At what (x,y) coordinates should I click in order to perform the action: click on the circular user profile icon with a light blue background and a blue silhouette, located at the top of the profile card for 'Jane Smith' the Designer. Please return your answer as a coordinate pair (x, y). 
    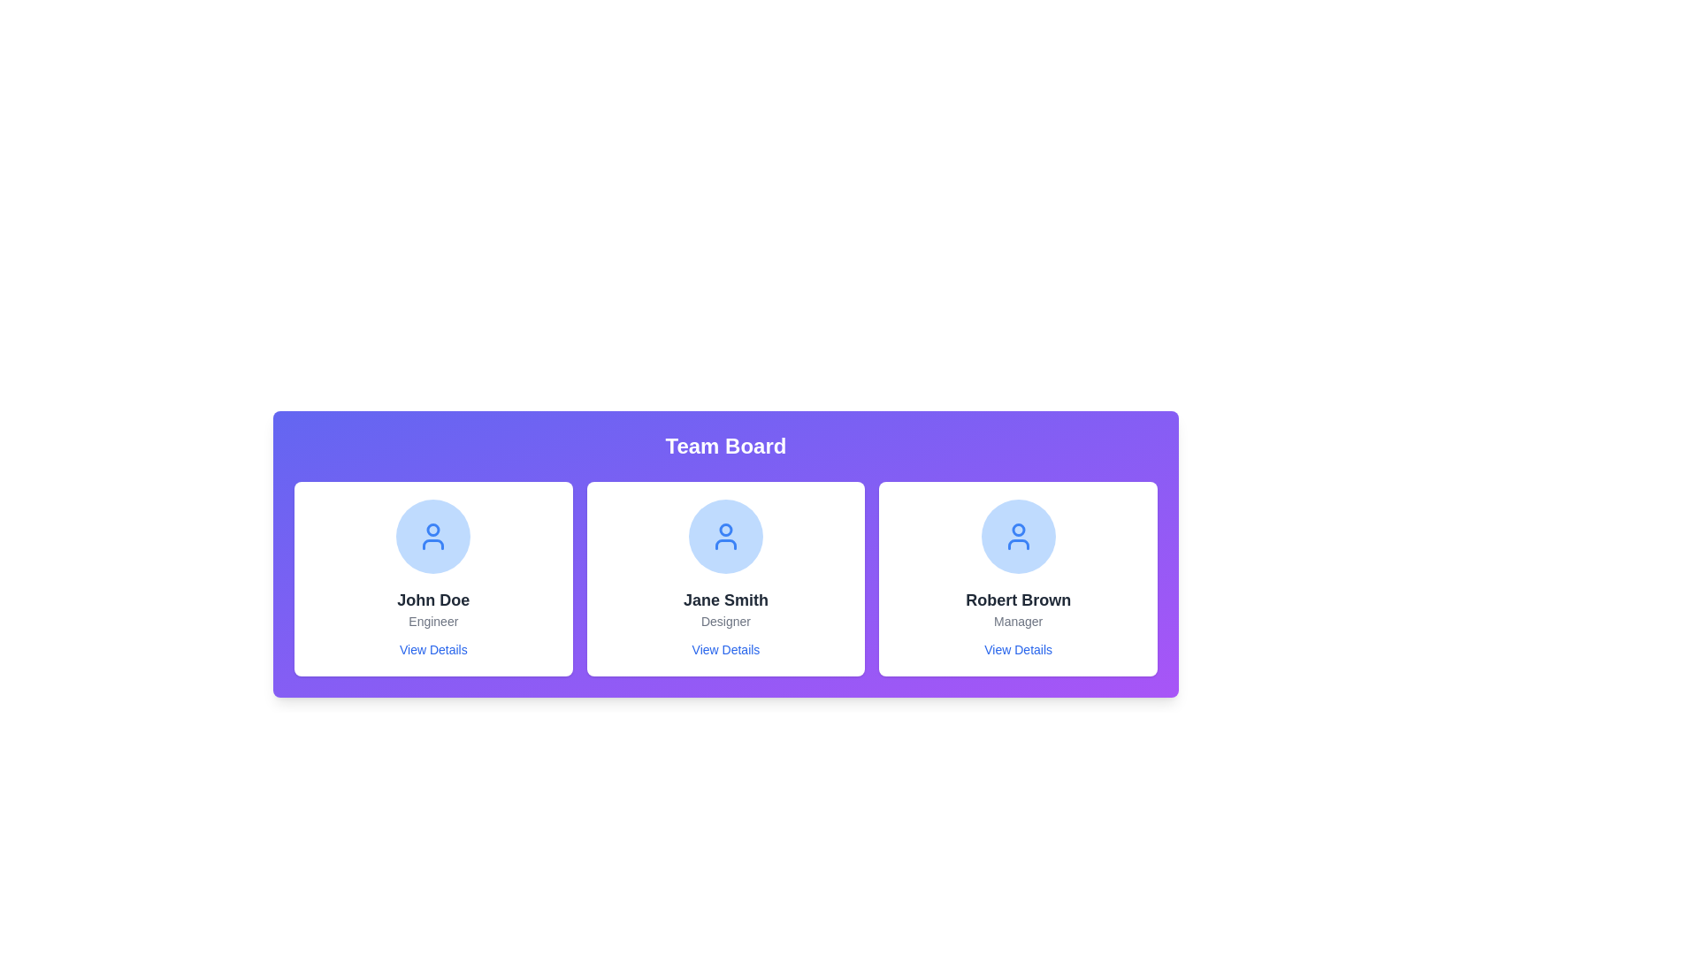
    Looking at the image, I should click on (725, 535).